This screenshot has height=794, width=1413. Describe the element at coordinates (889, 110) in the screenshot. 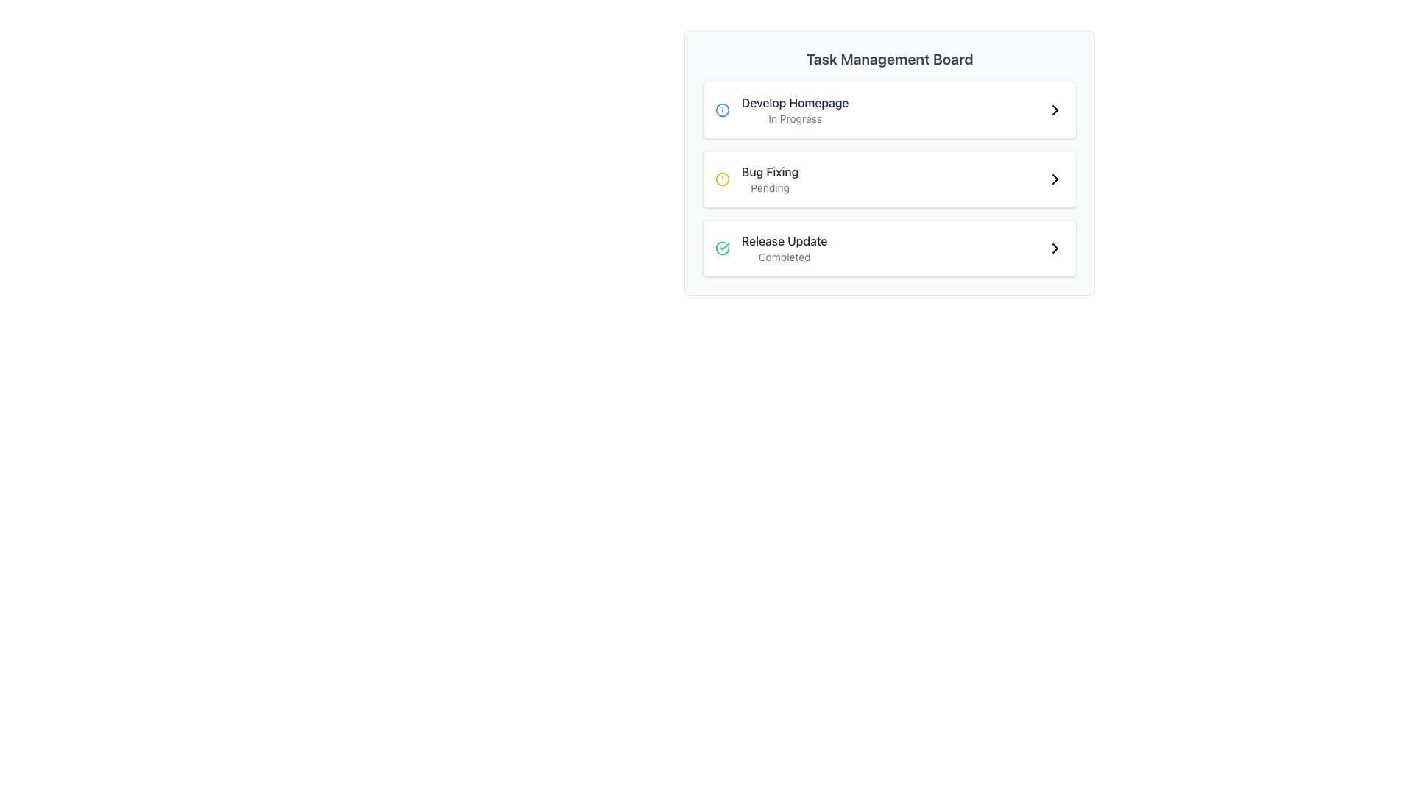

I see `on the 'Develop Homepage' task item in the Task Management Board` at that location.